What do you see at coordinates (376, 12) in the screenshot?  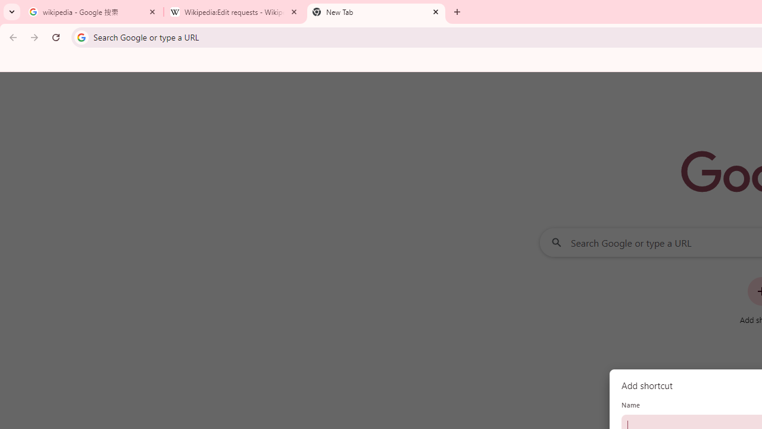 I see `'New Tab'` at bounding box center [376, 12].